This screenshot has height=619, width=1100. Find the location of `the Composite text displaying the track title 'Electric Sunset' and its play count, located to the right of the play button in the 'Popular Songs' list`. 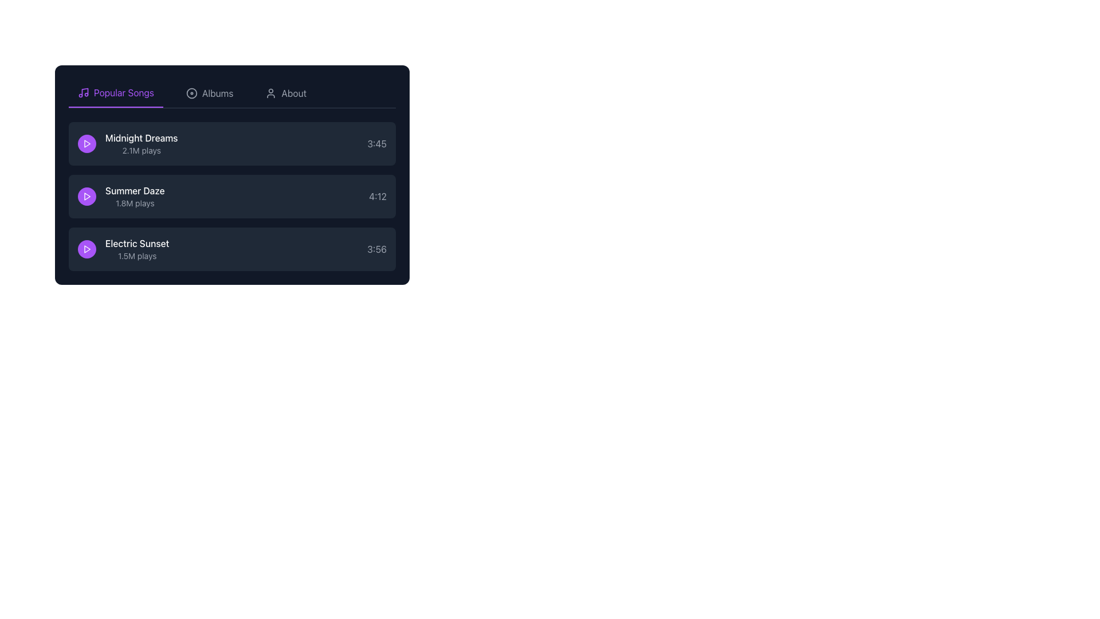

the Composite text displaying the track title 'Electric Sunset' and its play count, located to the right of the play button in the 'Popular Songs' list is located at coordinates (137, 249).